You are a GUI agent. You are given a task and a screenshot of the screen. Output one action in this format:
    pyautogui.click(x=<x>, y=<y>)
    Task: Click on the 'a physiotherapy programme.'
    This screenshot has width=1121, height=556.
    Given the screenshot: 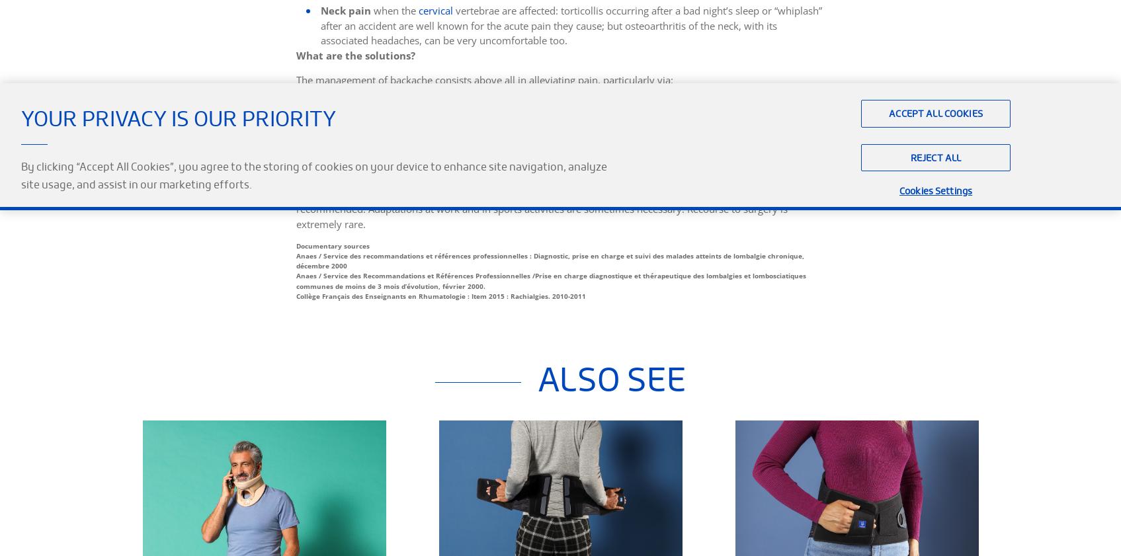 What is the action you would take?
    pyautogui.click(x=319, y=153)
    